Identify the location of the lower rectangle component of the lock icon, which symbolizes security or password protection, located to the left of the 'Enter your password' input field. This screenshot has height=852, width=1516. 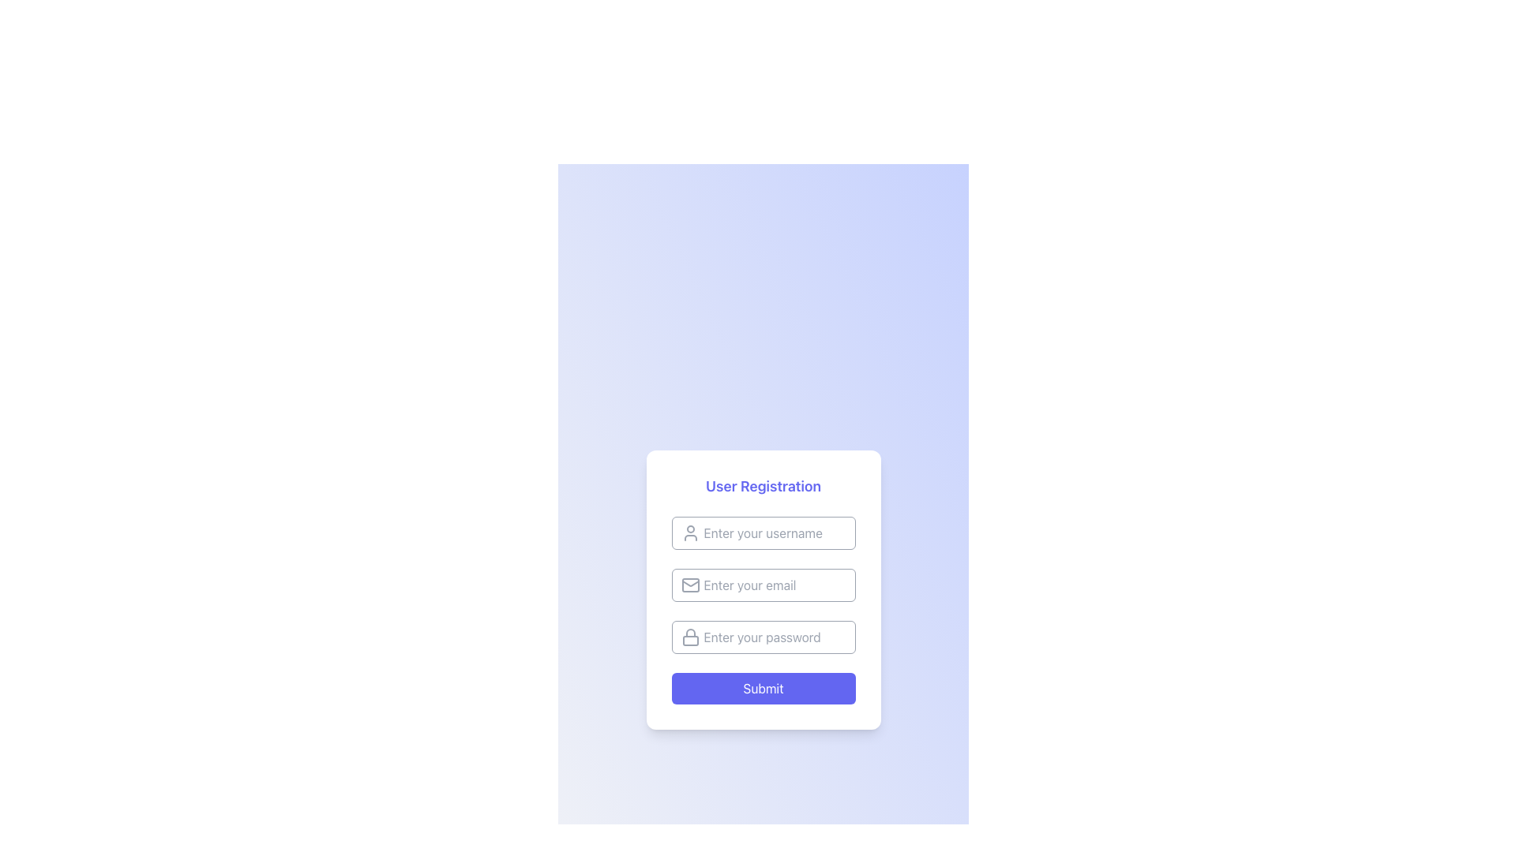
(690, 641).